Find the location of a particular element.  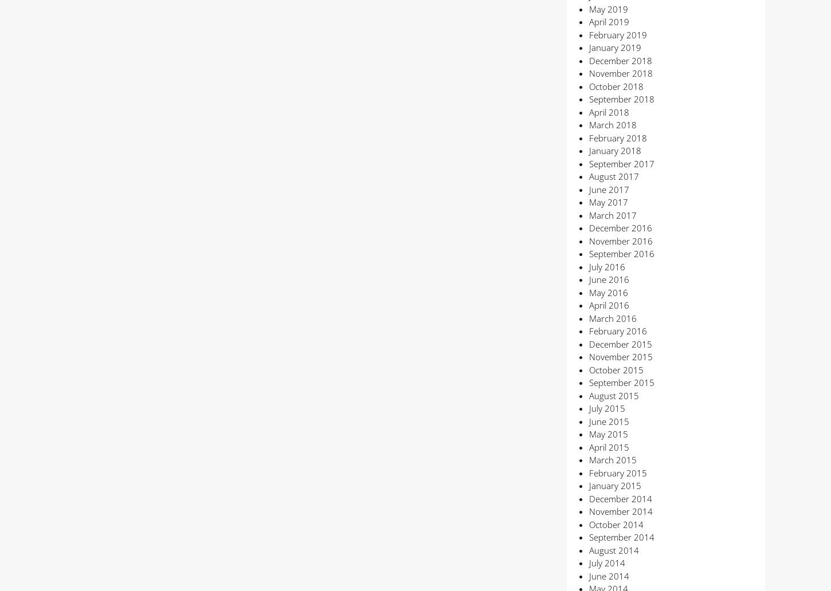

'January 2019' is located at coordinates (614, 47).